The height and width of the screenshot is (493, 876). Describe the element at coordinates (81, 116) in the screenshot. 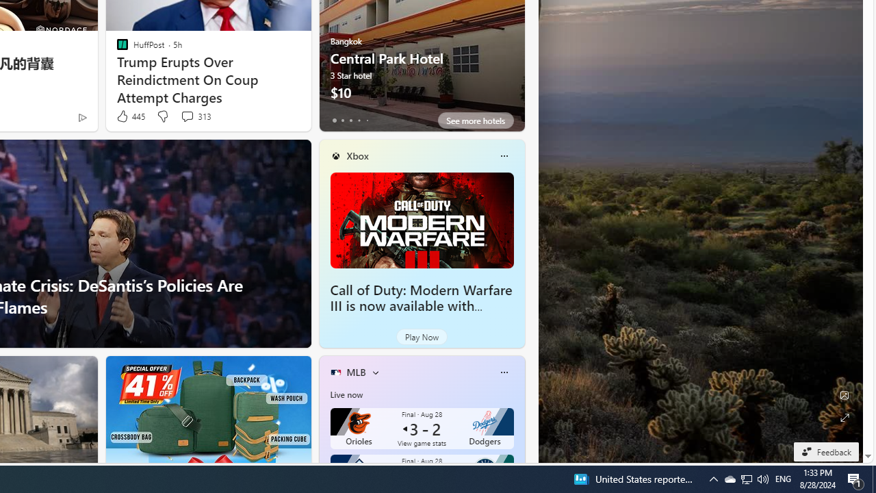

I see `'Ad Choice'` at that location.